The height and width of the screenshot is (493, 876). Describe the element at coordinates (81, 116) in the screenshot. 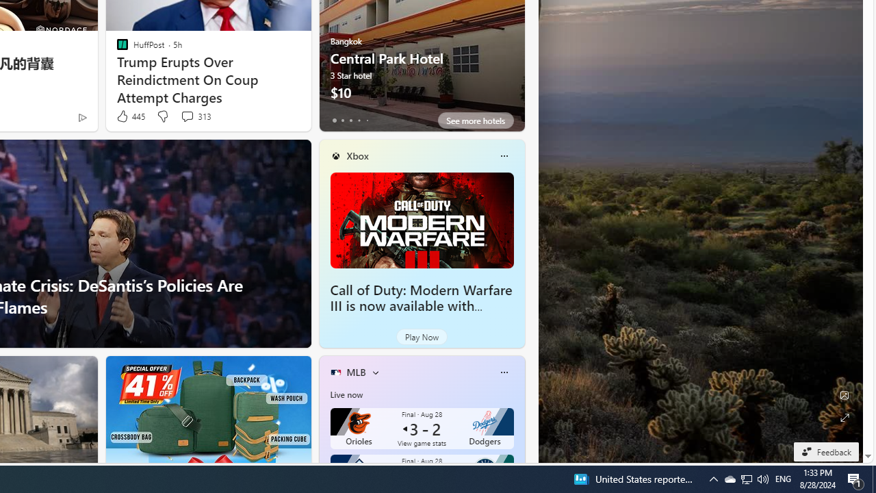

I see `'Ad Choice'` at that location.